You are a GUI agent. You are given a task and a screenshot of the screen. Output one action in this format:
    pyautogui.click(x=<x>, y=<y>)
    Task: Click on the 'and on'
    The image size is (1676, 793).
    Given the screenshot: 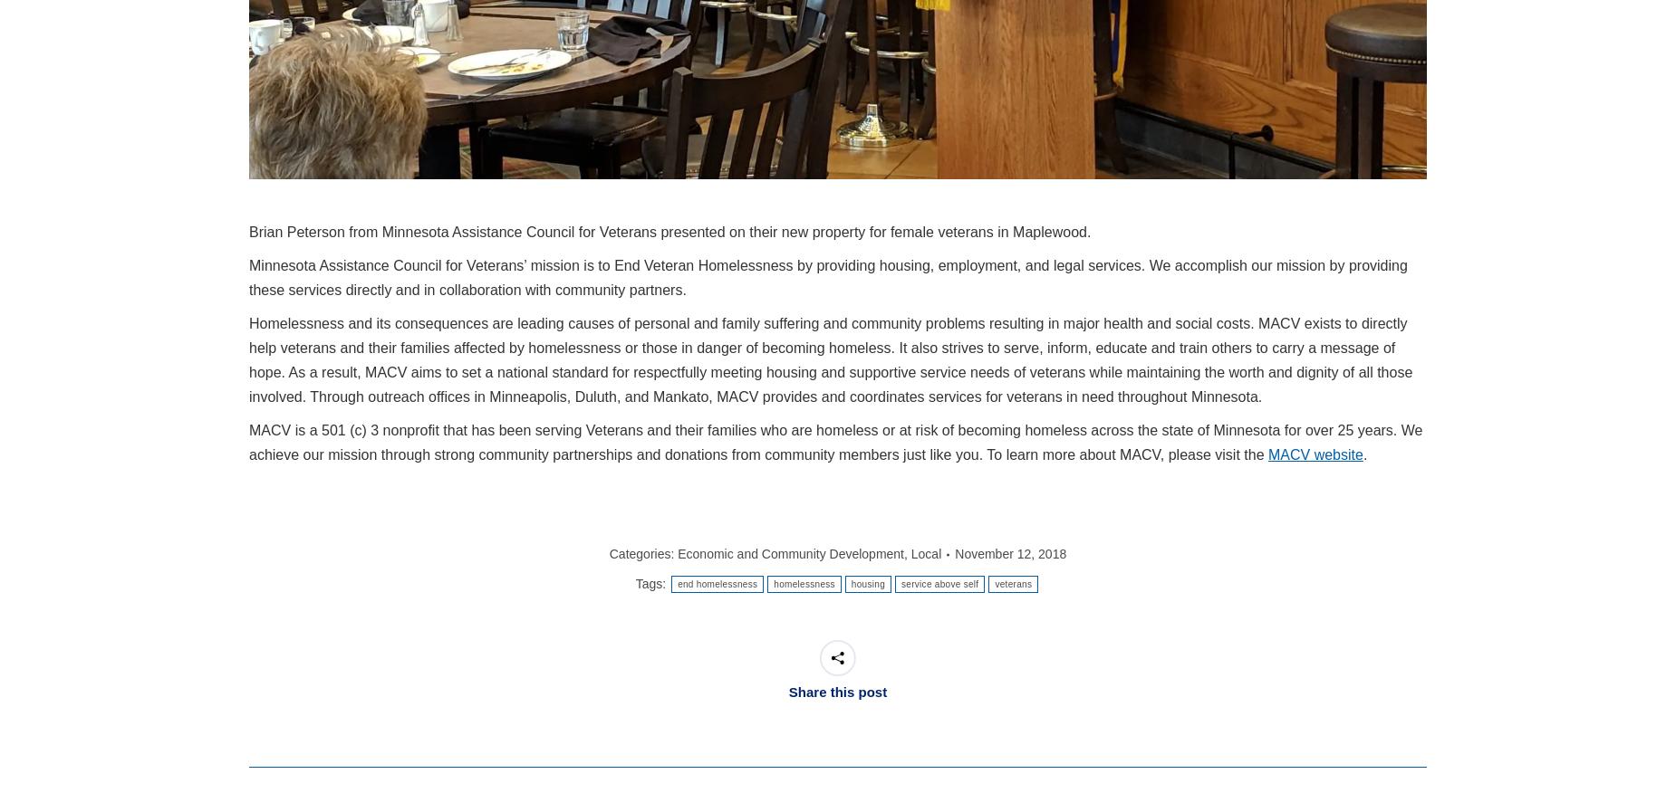 What is the action you would take?
    pyautogui.click(x=1234, y=708)
    